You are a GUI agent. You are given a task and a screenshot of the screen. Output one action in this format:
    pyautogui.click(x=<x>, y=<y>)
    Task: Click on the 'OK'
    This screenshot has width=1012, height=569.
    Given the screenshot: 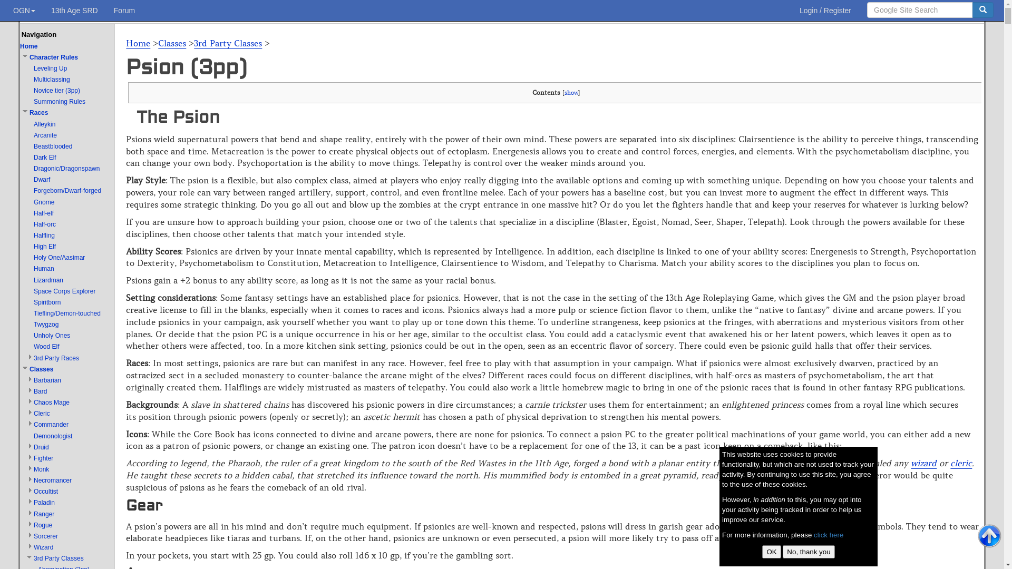 What is the action you would take?
    pyautogui.click(x=771, y=551)
    